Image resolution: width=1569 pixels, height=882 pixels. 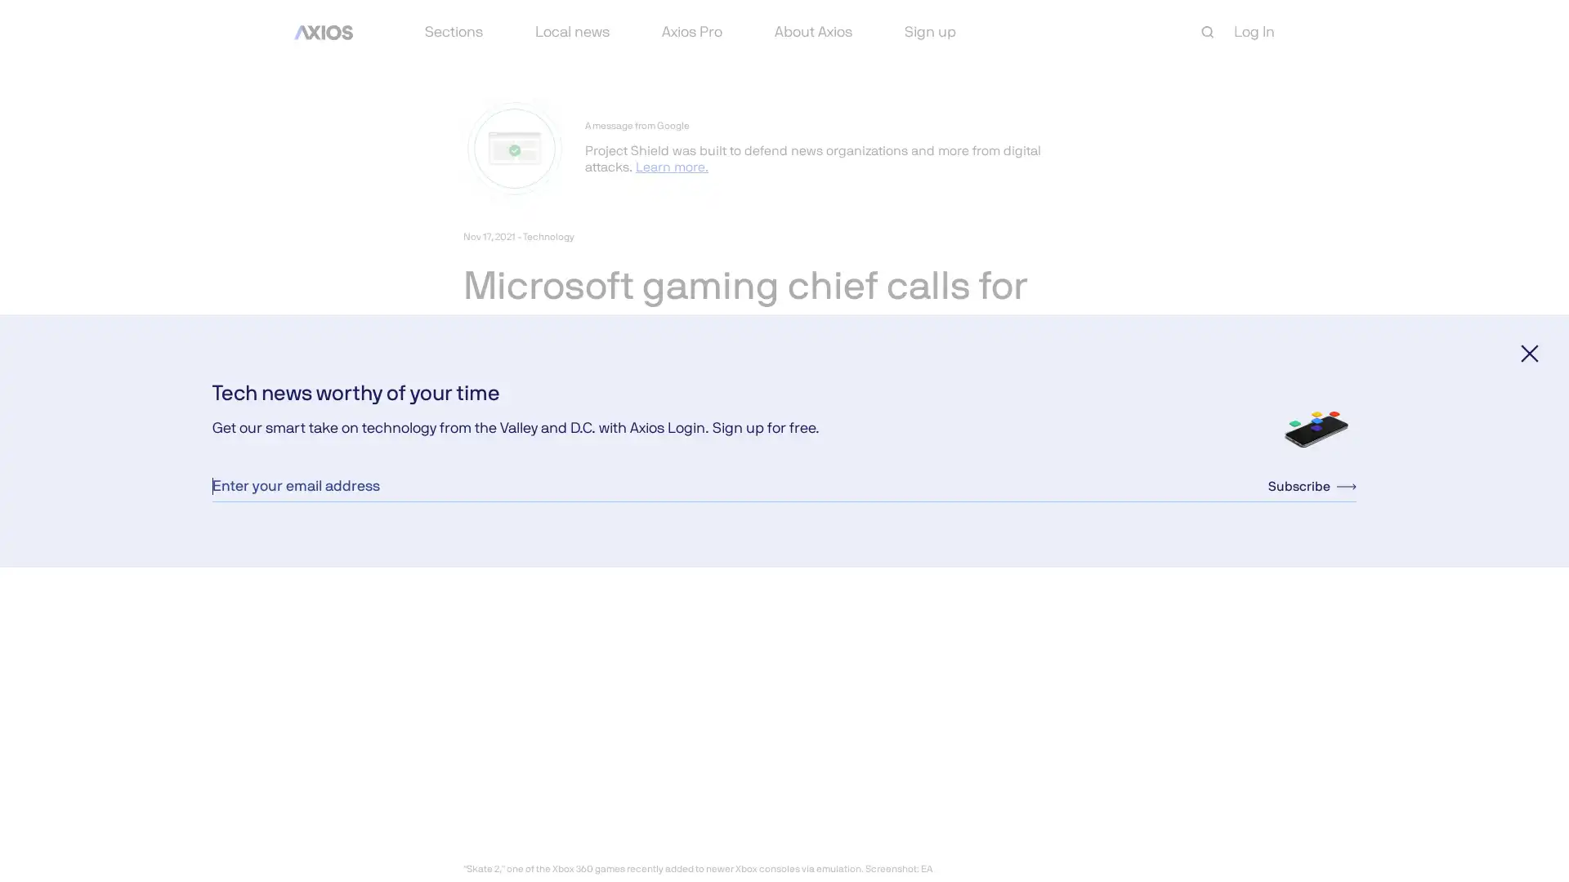 What do you see at coordinates (553, 443) in the screenshot?
I see `linkedin` at bounding box center [553, 443].